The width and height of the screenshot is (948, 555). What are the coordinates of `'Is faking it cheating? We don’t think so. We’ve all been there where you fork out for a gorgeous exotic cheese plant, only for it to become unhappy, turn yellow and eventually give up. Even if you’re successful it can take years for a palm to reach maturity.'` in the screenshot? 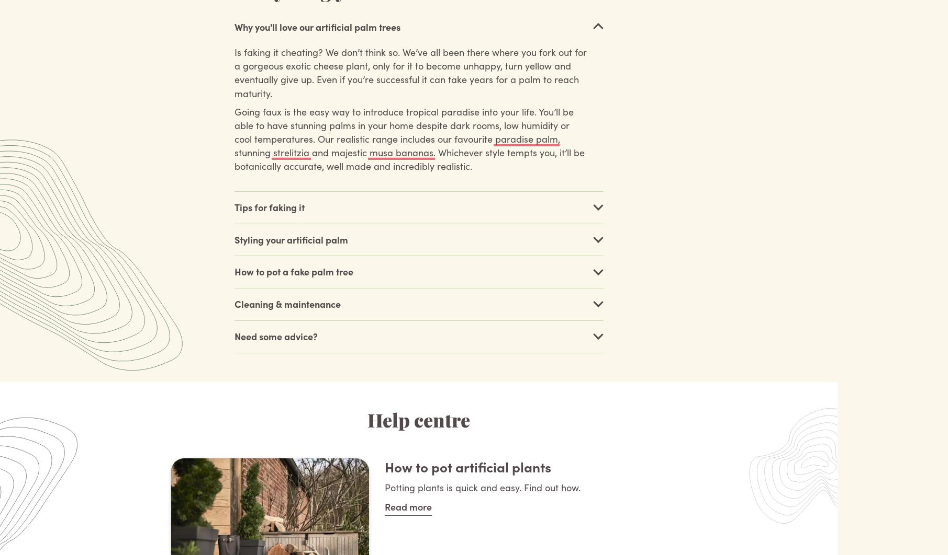 It's located at (409, 72).